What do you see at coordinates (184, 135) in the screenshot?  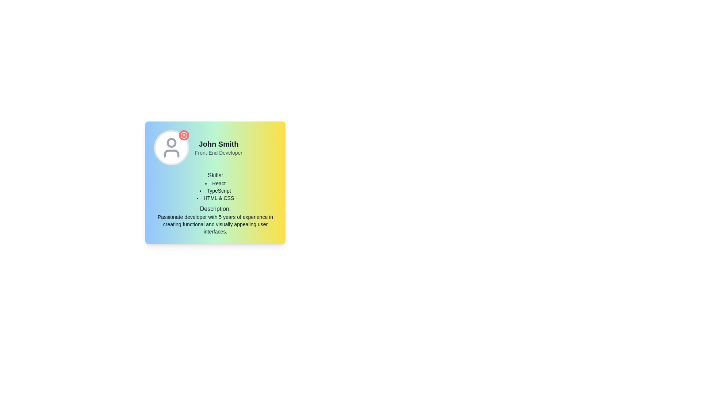 I see `the SVG circle element located in the top-left region of the card's header area, which contributes to the overall visual design of the icon` at bounding box center [184, 135].